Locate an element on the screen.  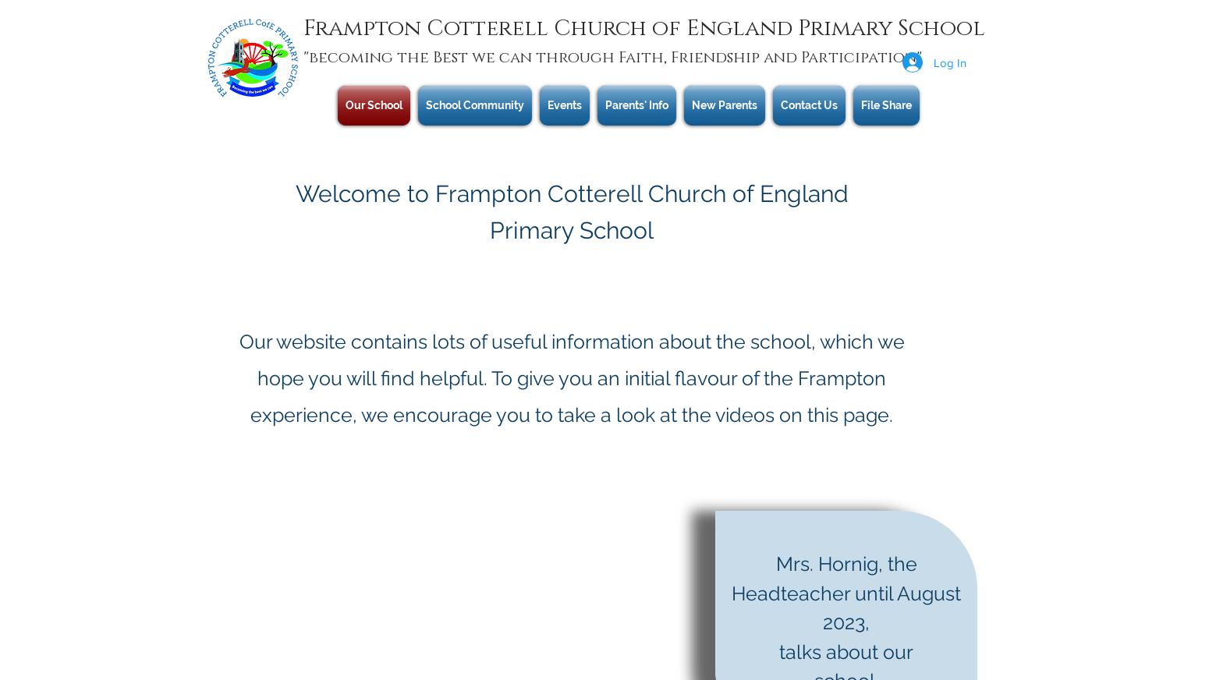
'talks about our' is located at coordinates (846, 651).